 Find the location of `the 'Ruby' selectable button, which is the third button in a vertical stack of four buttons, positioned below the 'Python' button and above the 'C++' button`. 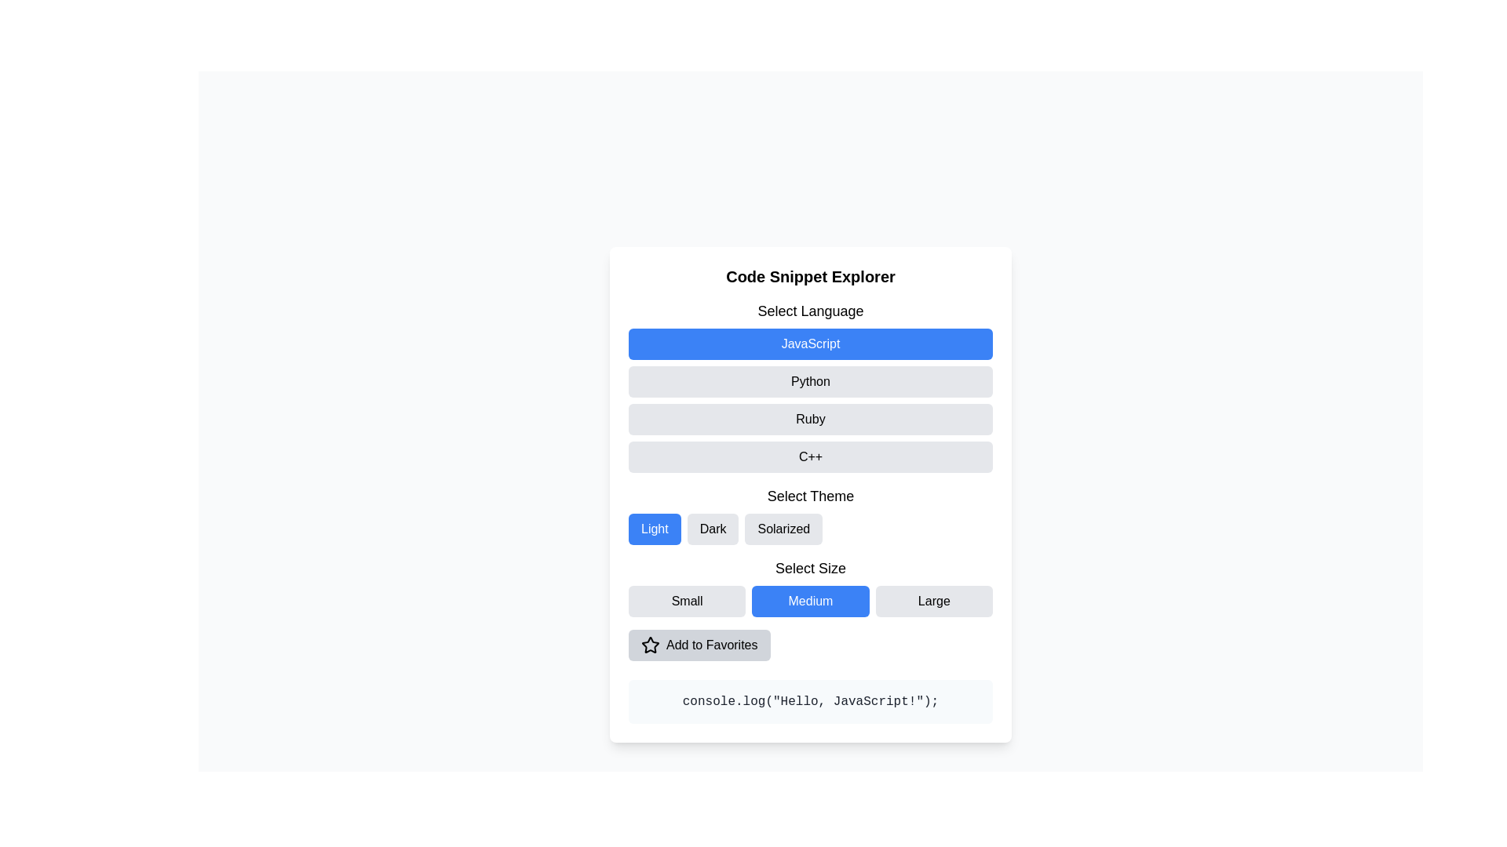

the 'Ruby' selectable button, which is the third button in a vertical stack of four buttons, positioned below the 'Python' button and above the 'C++' button is located at coordinates (810, 419).